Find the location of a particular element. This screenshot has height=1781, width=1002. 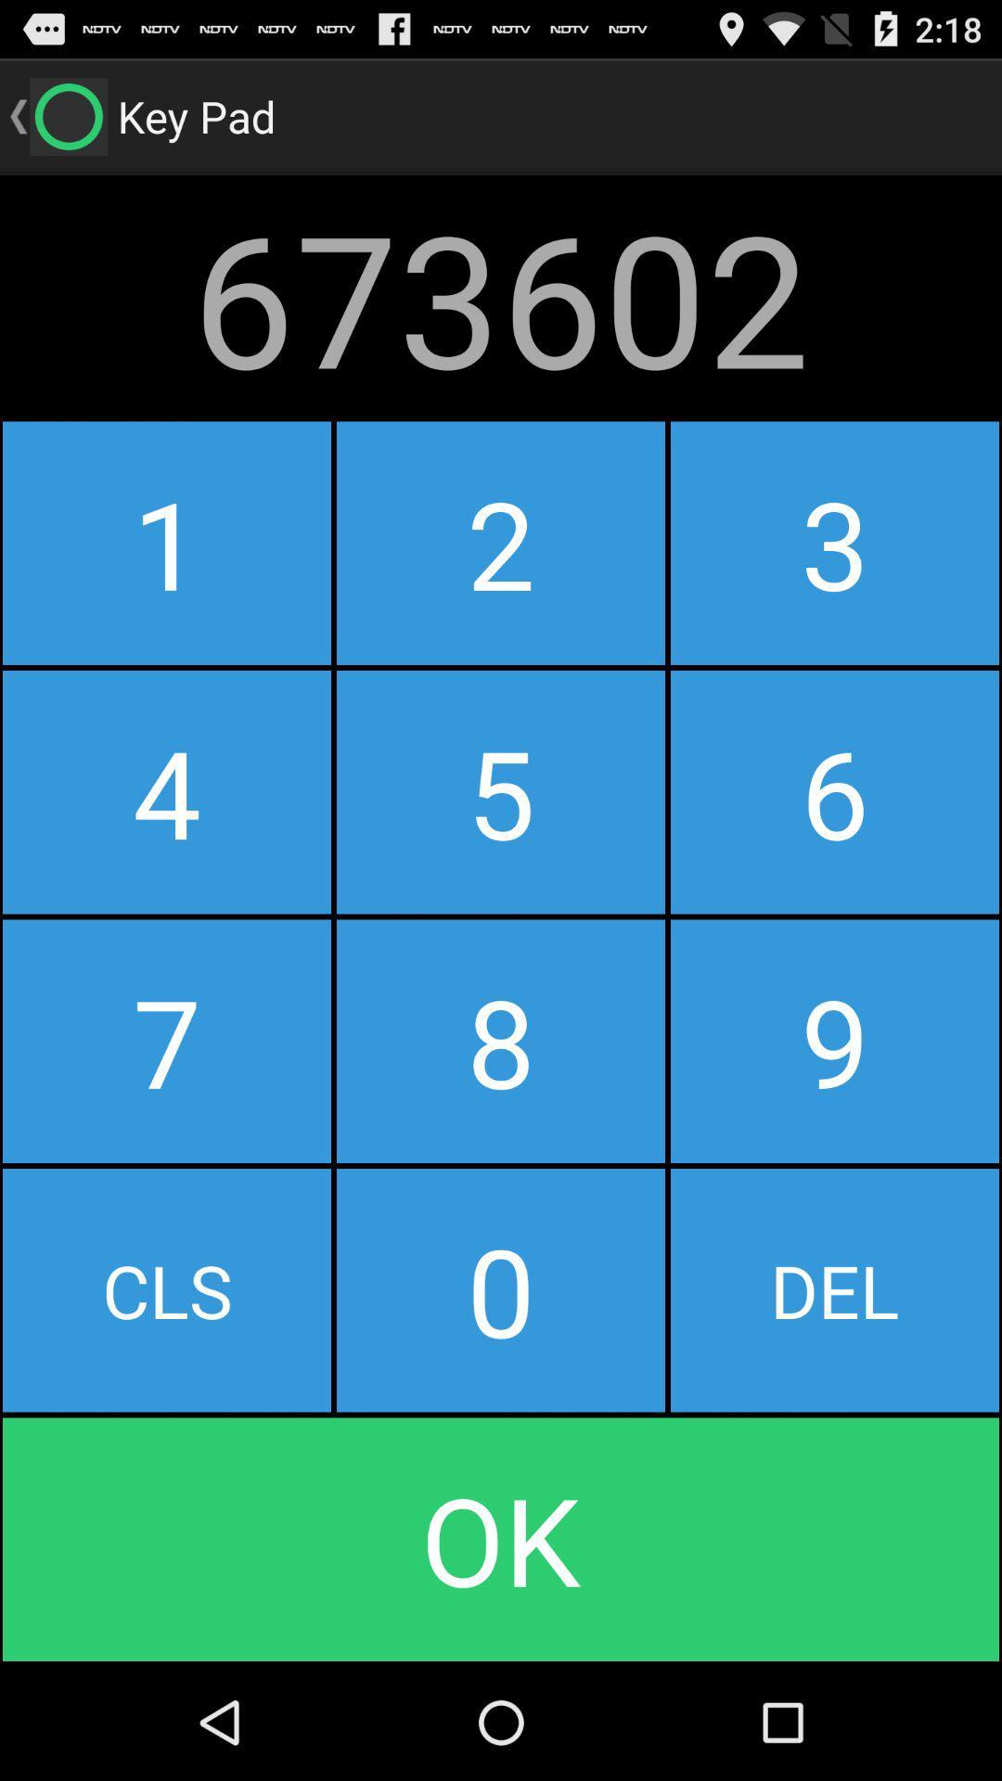

6 item is located at coordinates (833, 792).